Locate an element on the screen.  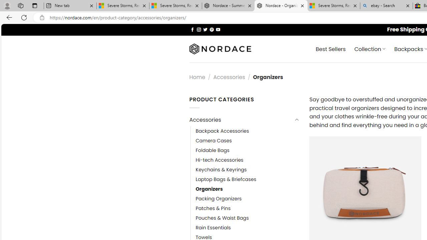
'Refresh' is located at coordinates (24, 17).